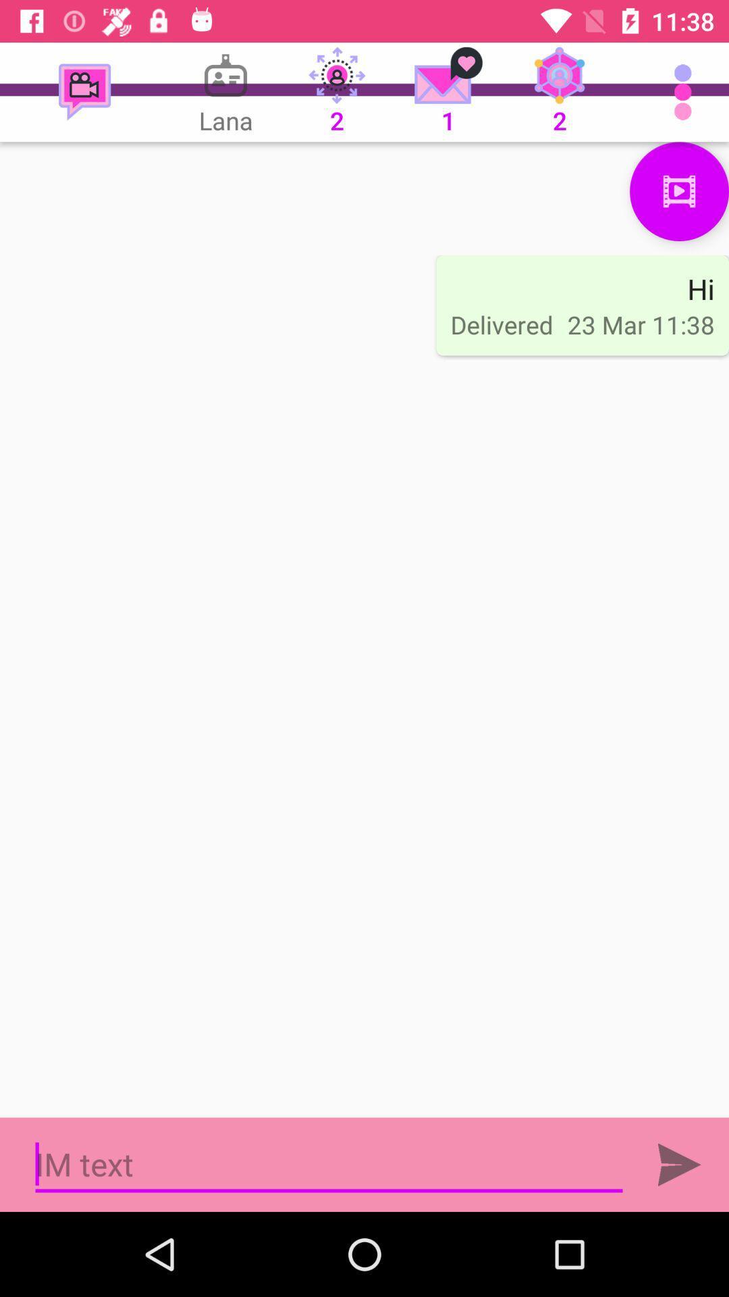 The width and height of the screenshot is (729, 1297). Describe the element at coordinates (679, 1164) in the screenshot. I see `send message` at that location.